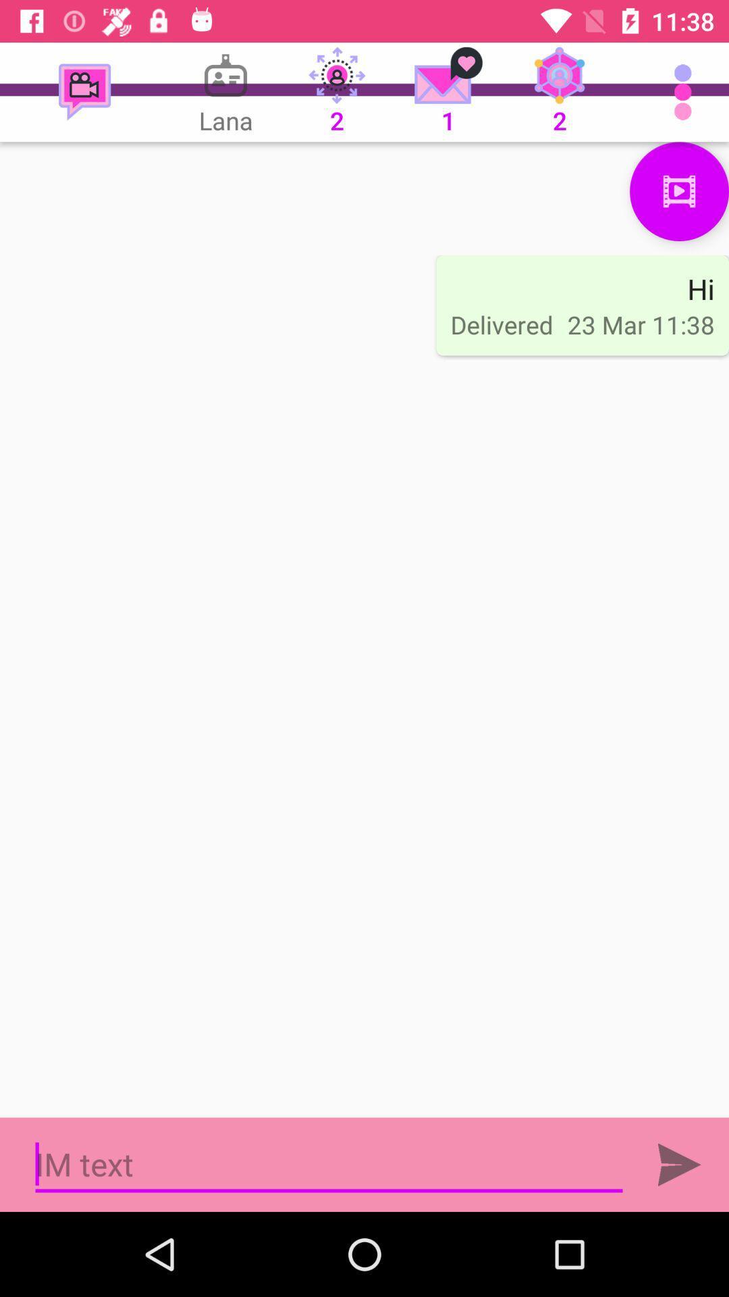 The width and height of the screenshot is (729, 1297). Describe the element at coordinates (679, 1164) in the screenshot. I see `send message` at that location.